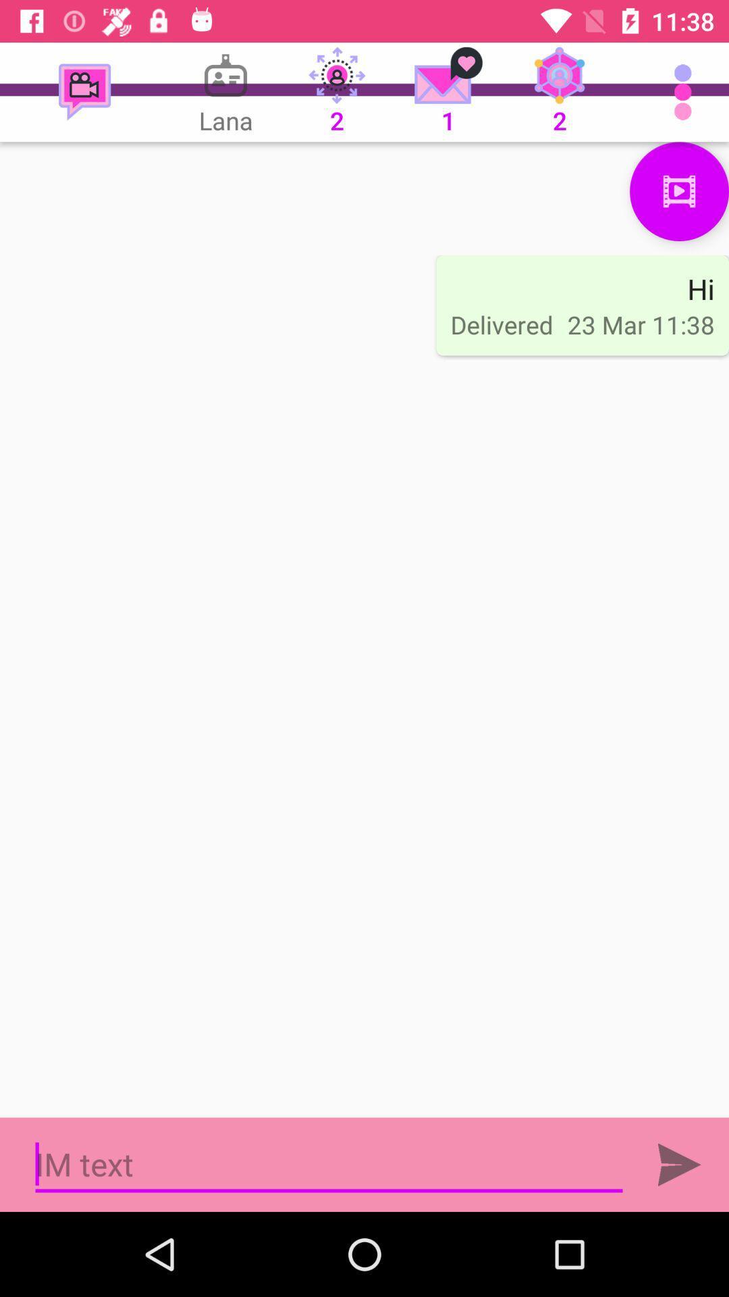 The width and height of the screenshot is (729, 1297). Describe the element at coordinates (679, 1164) in the screenshot. I see `send message` at that location.